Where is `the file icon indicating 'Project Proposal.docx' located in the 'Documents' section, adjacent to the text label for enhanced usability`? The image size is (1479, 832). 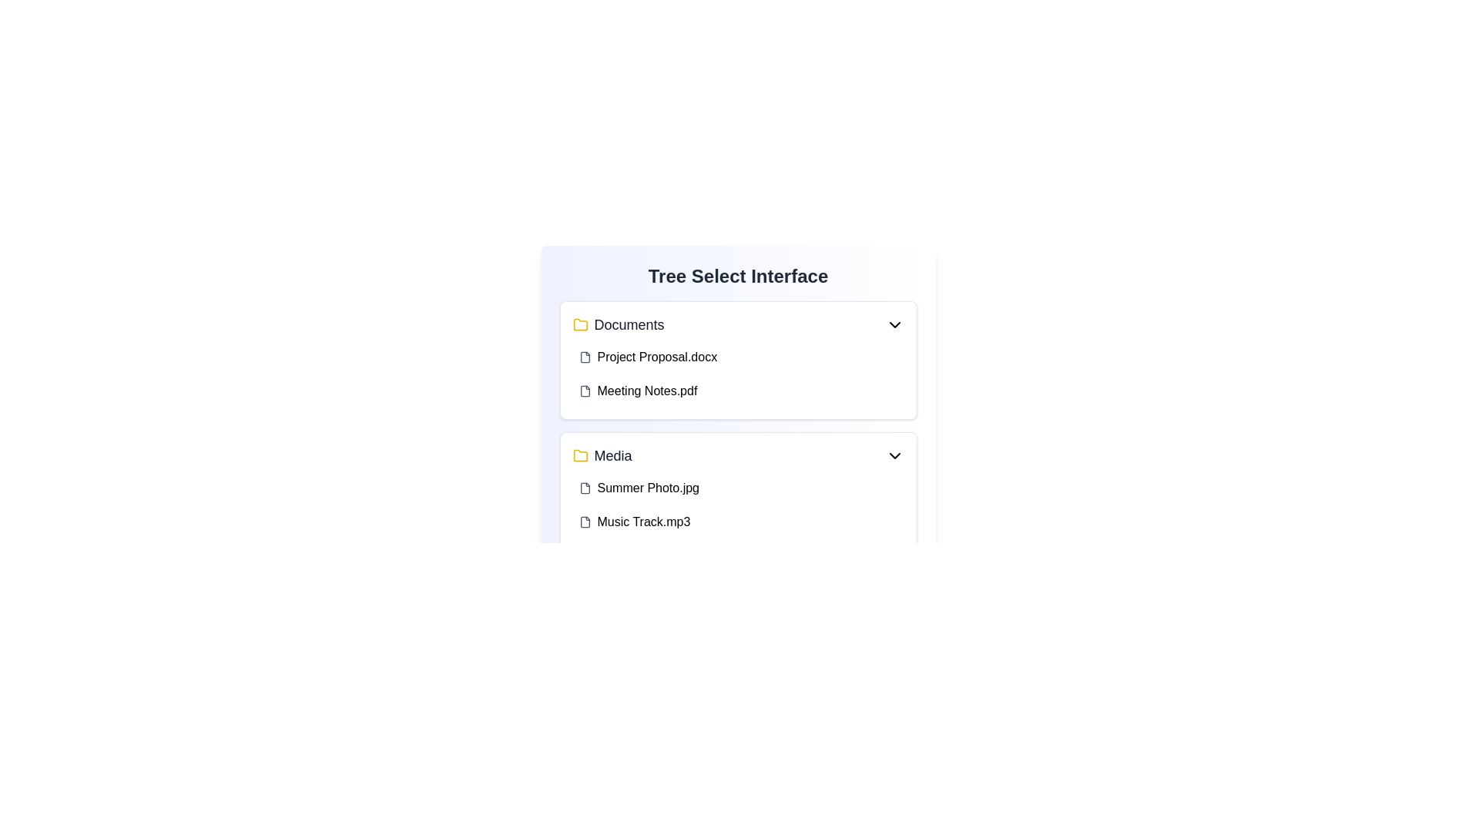 the file icon indicating 'Project Proposal.docx' located in the 'Documents' section, adjacent to the text label for enhanced usability is located at coordinates (584, 357).